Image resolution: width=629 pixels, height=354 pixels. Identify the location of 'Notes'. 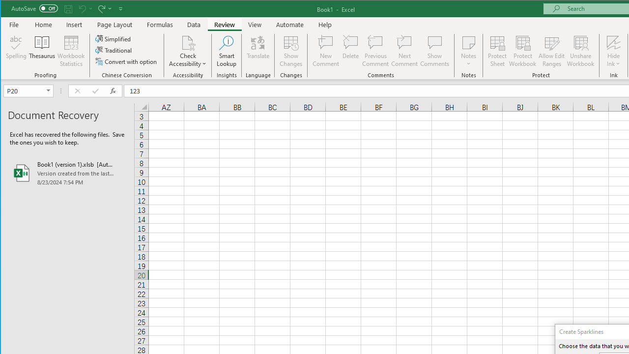
(468, 51).